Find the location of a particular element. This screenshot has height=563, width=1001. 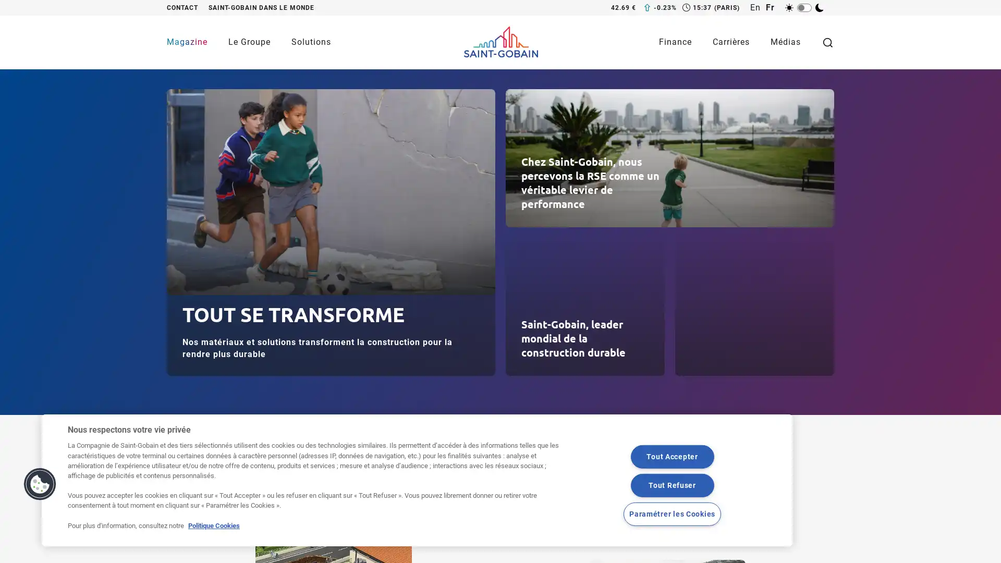

Parametrer les Cookies is located at coordinates (672, 513).